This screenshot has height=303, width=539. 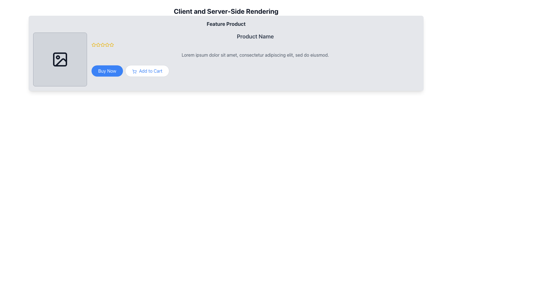 What do you see at coordinates (58, 57) in the screenshot?
I see `the Circular SVG element located near the top-right corner of the SVG icon that represents a framed image in the left section of a card-like layout` at bounding box center [58, 57].